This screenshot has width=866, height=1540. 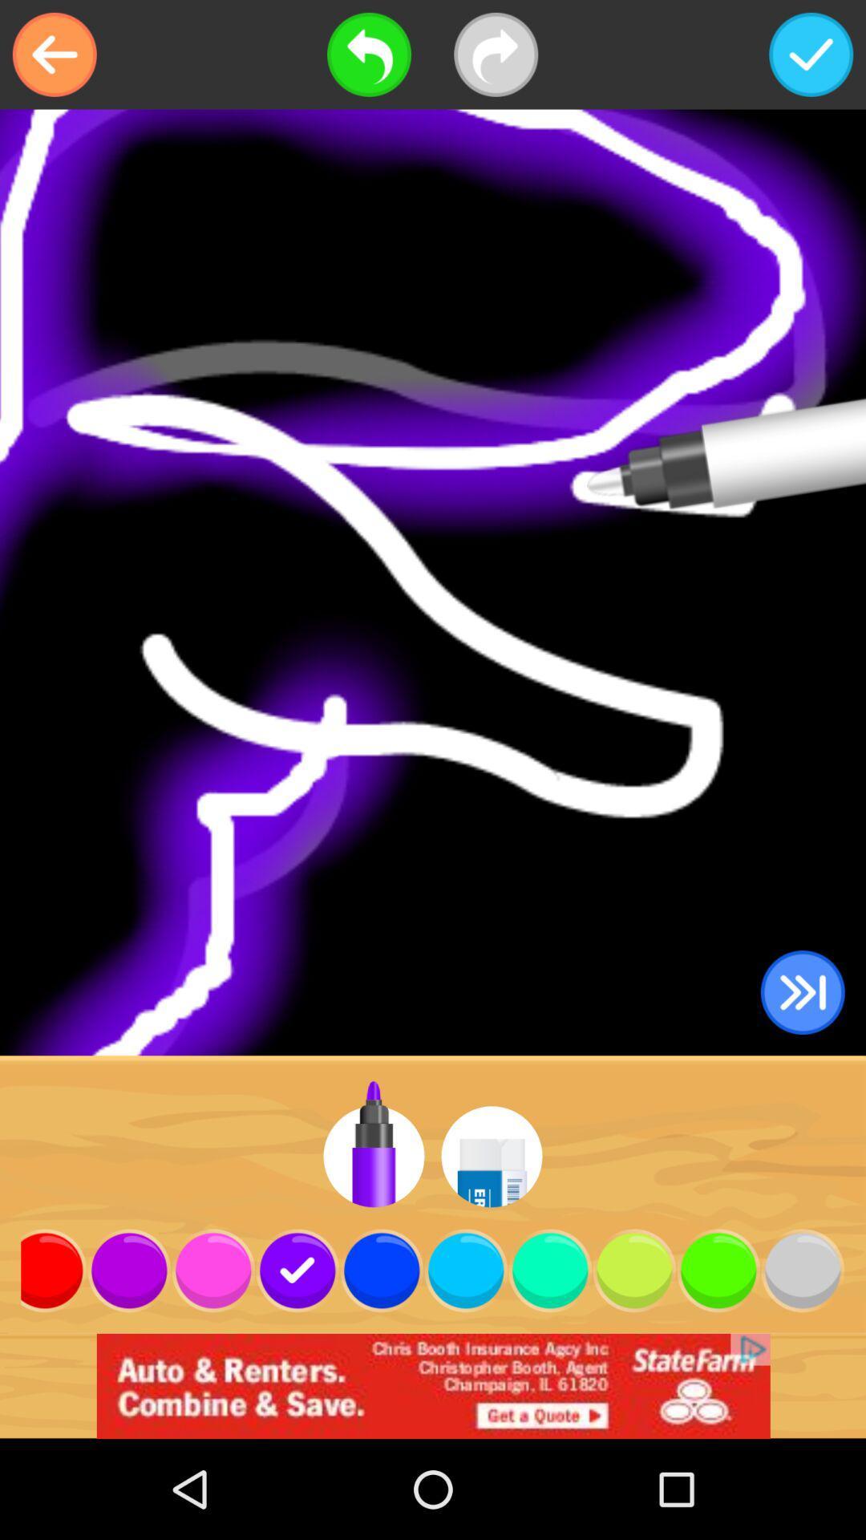 I want to click on go next, so click(x=803, y=991).